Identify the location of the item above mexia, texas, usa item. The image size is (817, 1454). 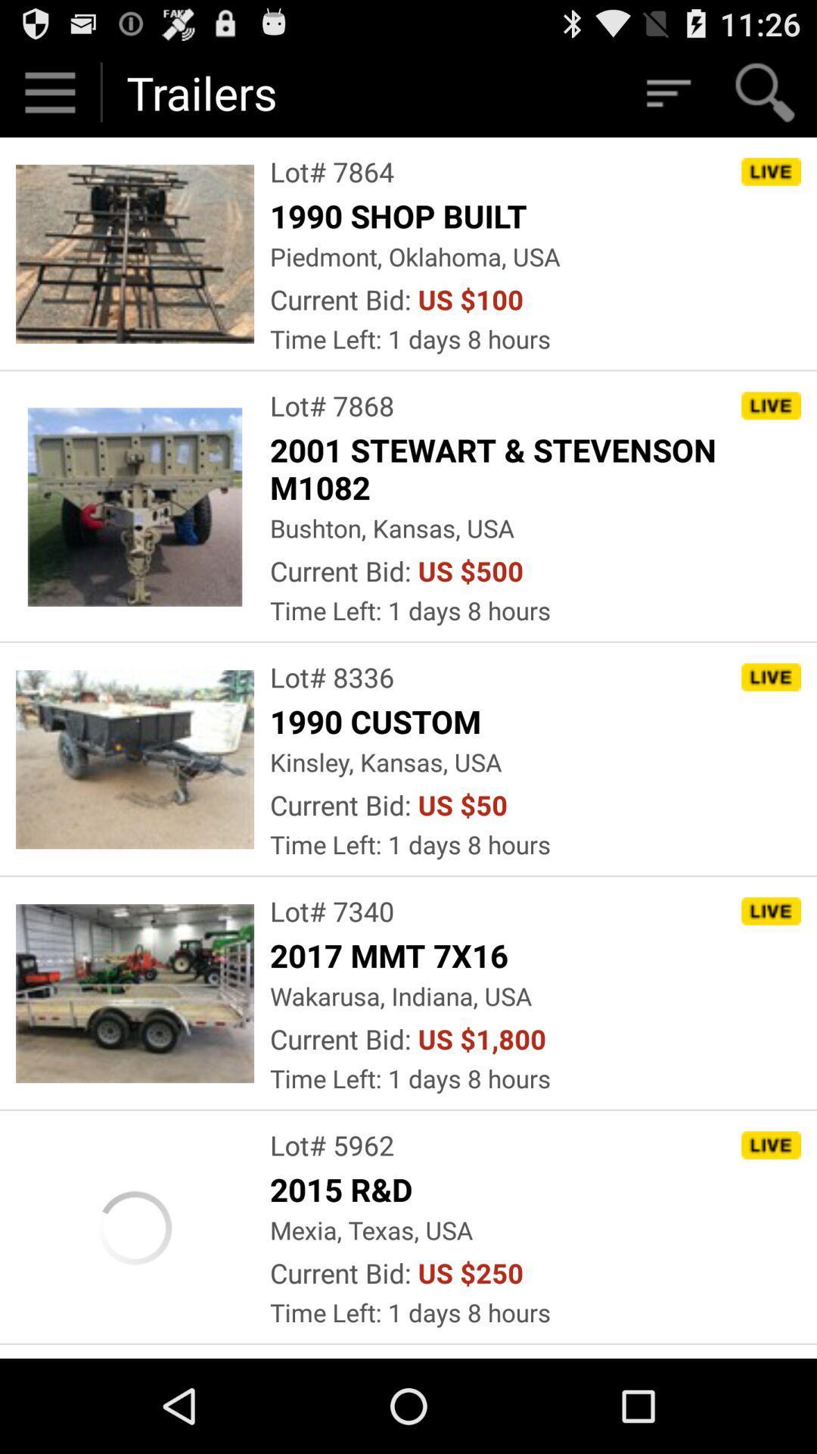
(345, 1188).